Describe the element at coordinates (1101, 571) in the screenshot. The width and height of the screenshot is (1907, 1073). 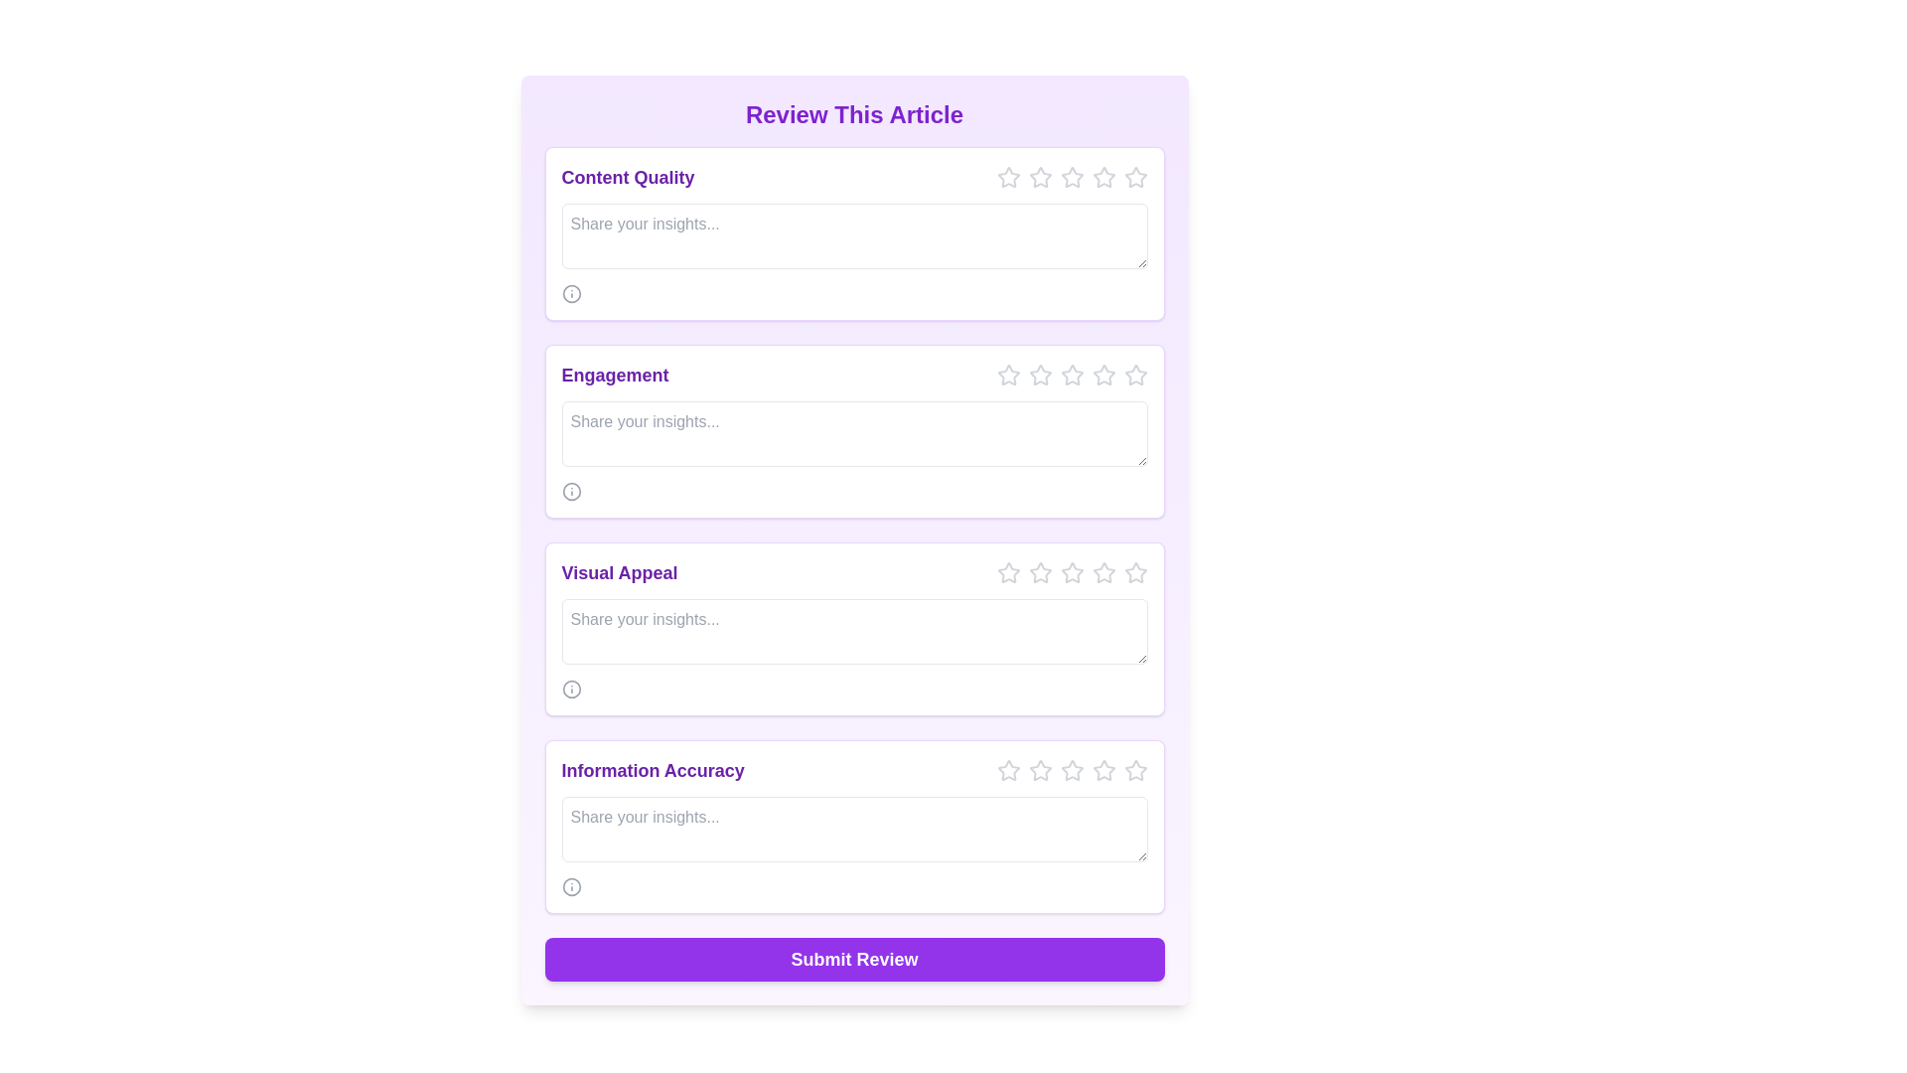
I see `the fifth star icon with a hollow outline in the rating system under the 'Visual Appeal' section to set a rating` at that location.